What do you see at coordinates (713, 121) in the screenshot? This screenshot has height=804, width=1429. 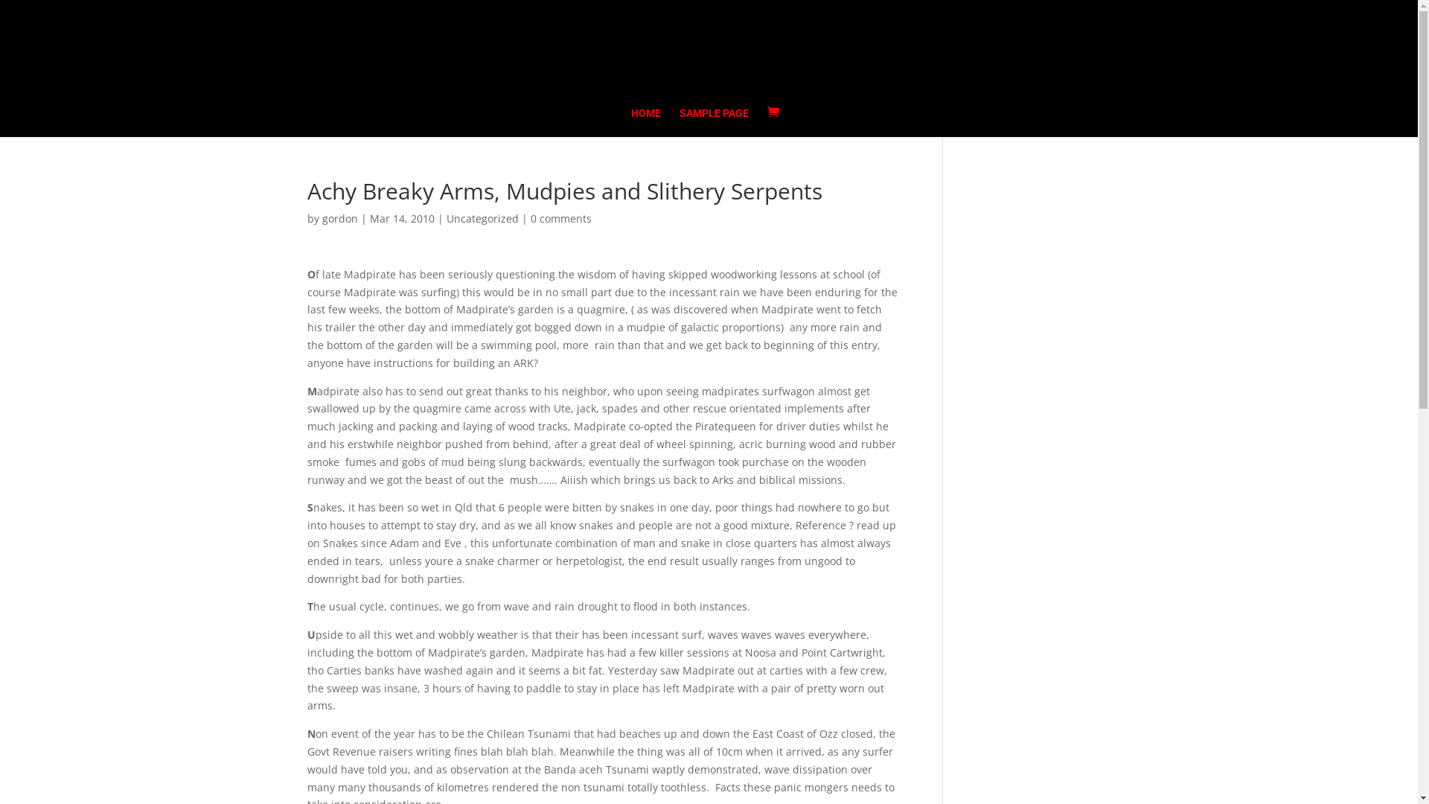 I see `'SAMPLE PAGE'` at bounding box center [713, 121].